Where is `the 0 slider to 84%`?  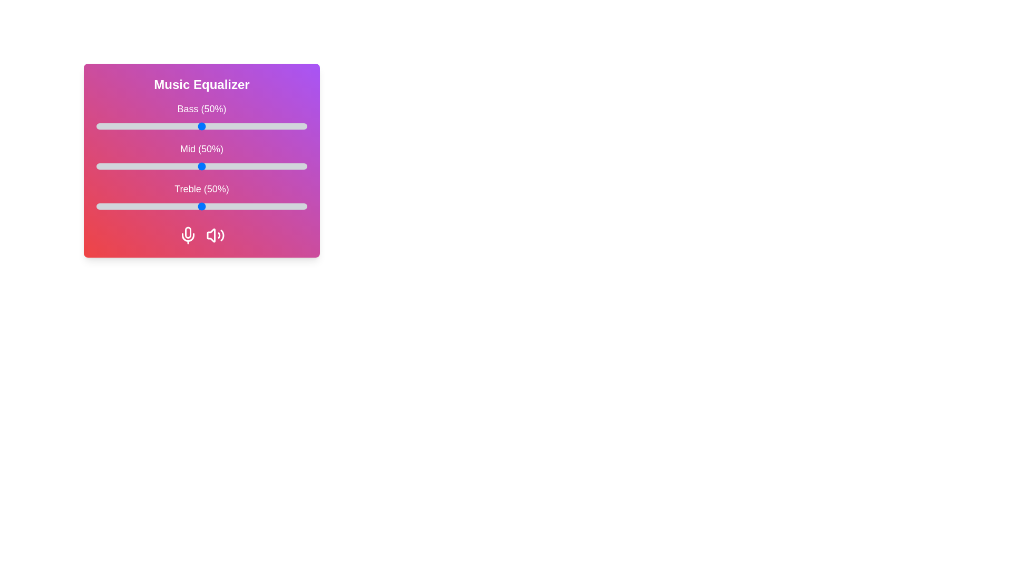 the 0 slider to 84% is located at coordinates (273, 125).